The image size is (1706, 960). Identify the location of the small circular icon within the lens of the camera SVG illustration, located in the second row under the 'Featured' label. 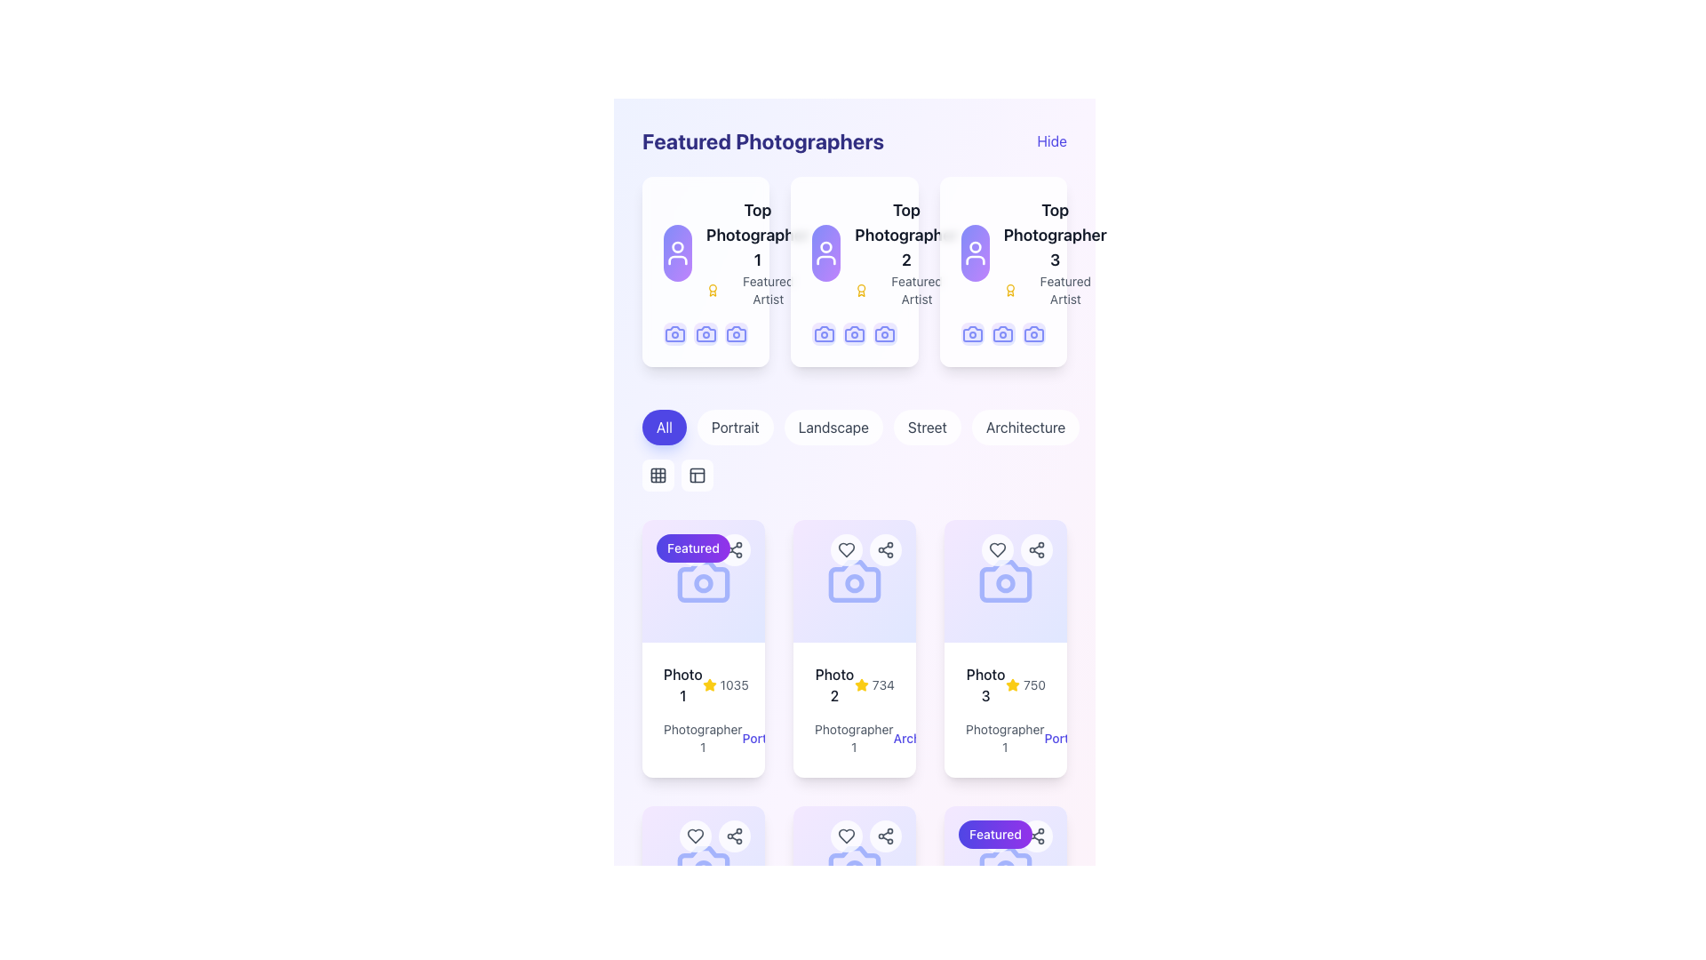
(703, 583).